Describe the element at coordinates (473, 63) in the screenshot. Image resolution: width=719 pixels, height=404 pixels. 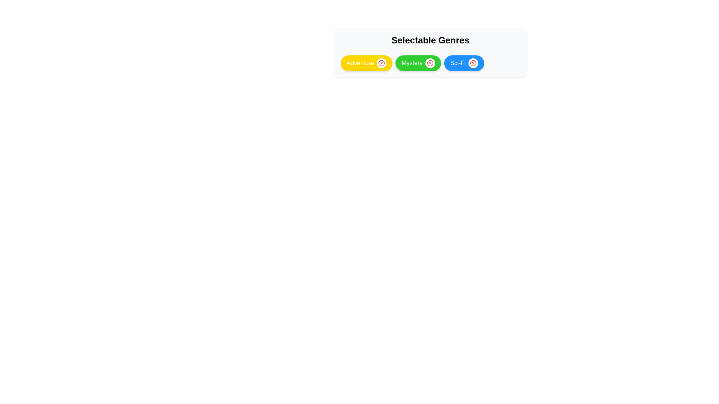
I see `close button on the chip labeled Sci-Fi to remove it` at that location.